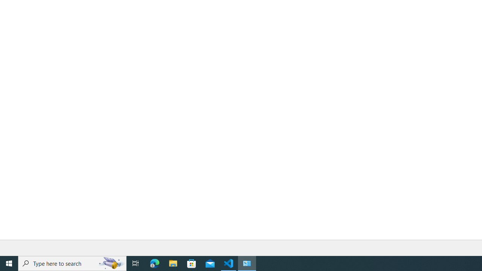 Image resolution: width=482 pixels, height=271 pixels. Describe the element at coordinates (173, 263) in the screenshot. I see `'File Explorer'` at that location.